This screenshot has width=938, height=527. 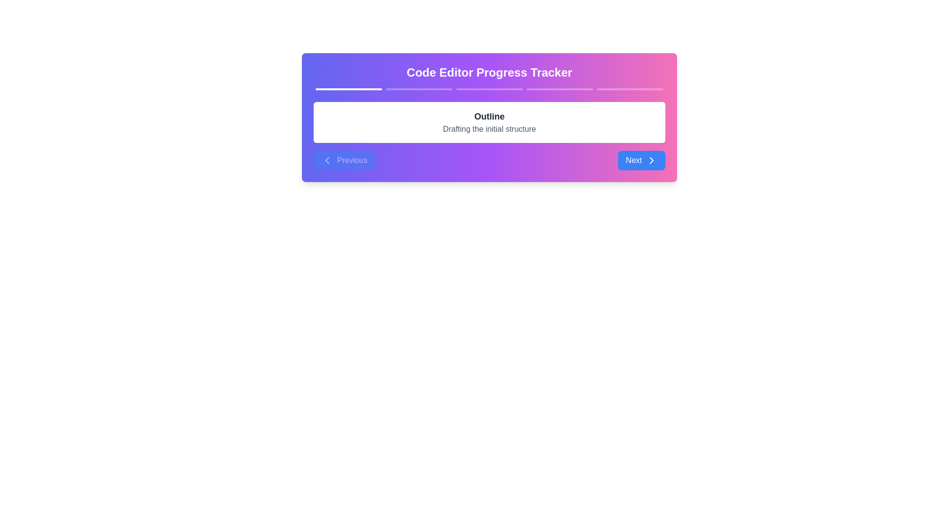 What do you see at coordinates (349, 89) in the screenshot?
I see `the first segment of the progress bar, which indicates the active or completed state of the first step in a multi-step process` at bounding box center [349, 89].